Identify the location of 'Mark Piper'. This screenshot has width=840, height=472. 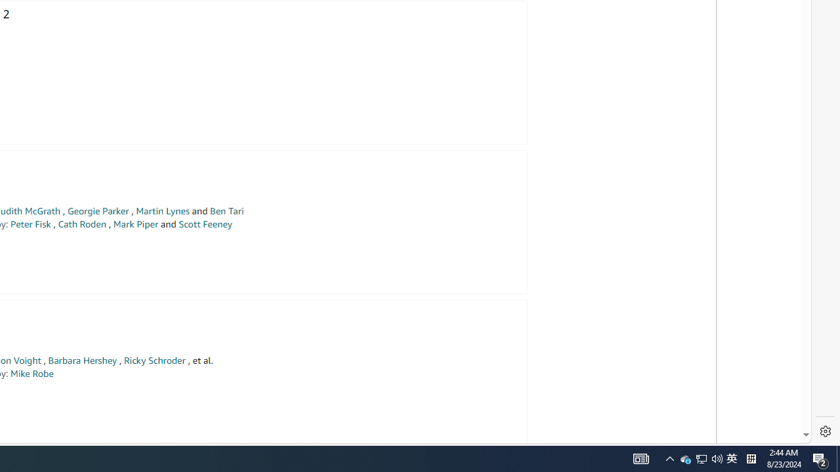
(135, 224).